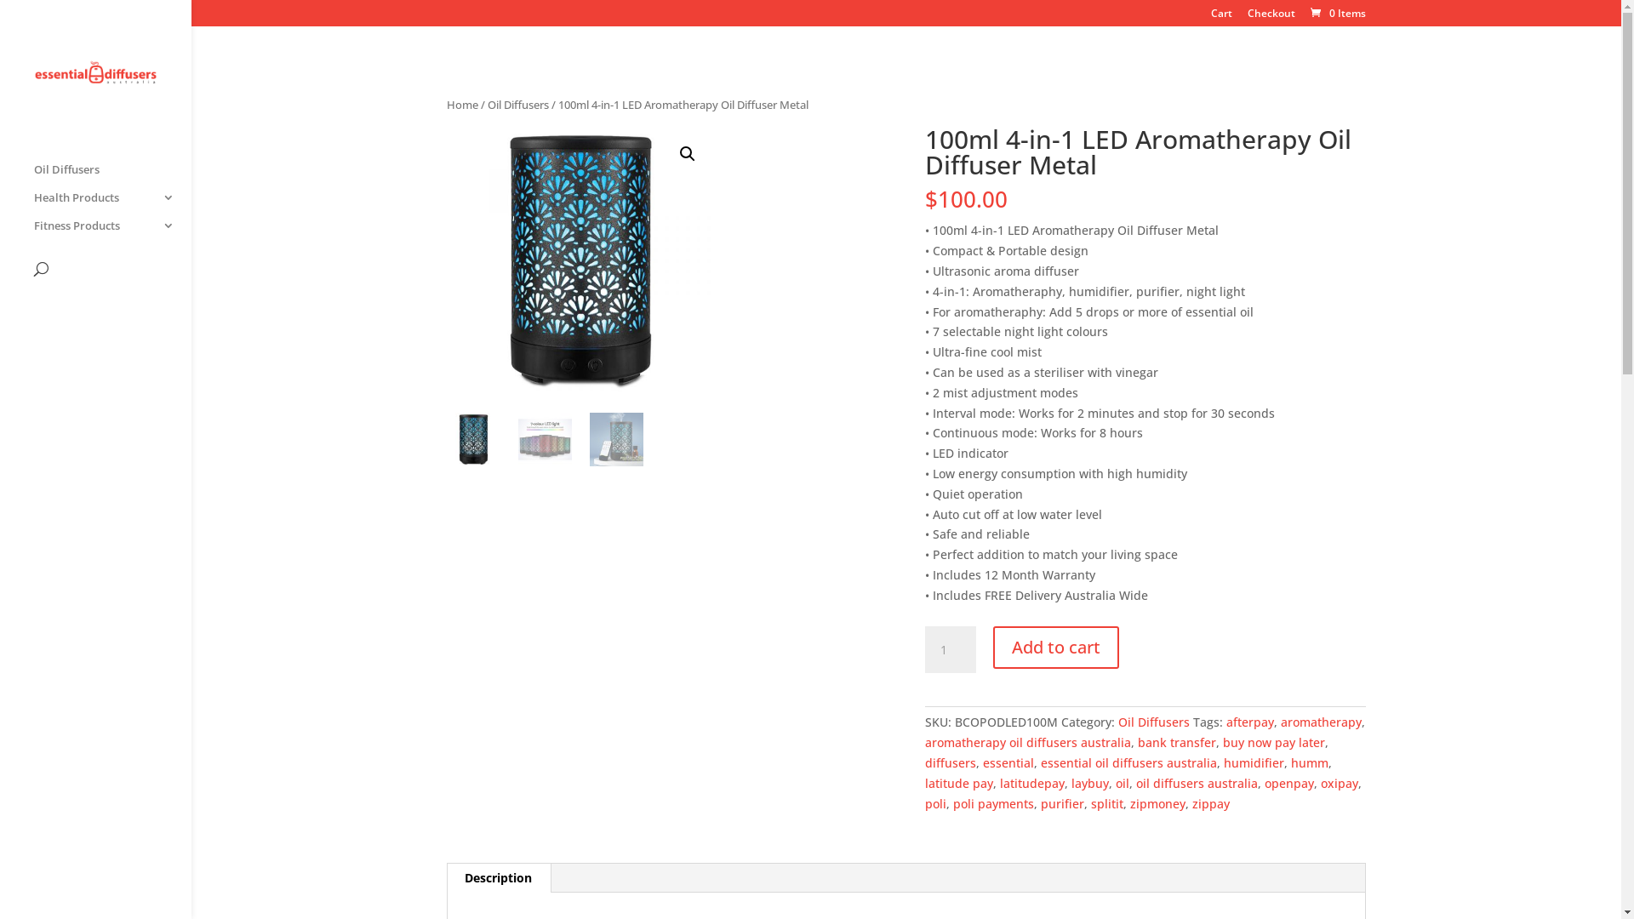  What do you see at coordinates (1027, 741) in the screenshot?
I see `'aromatherapy oil diffusers australia'` at bounding box center [1027, 741].